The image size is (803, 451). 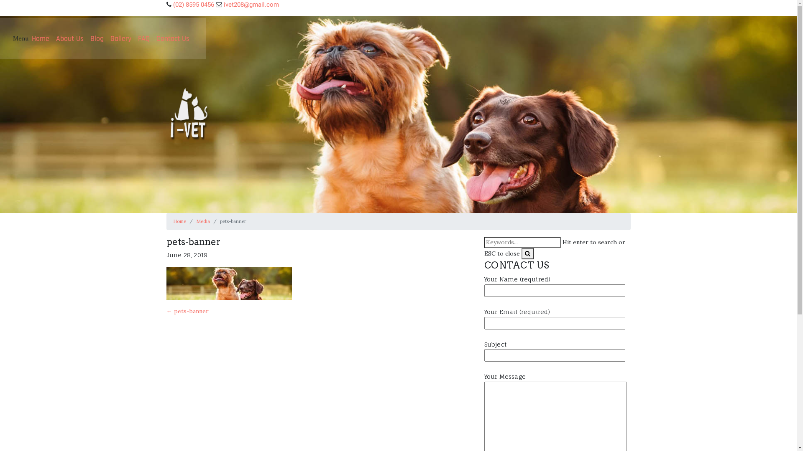 I want to click on 'Blog', so click(x=97, y=38).